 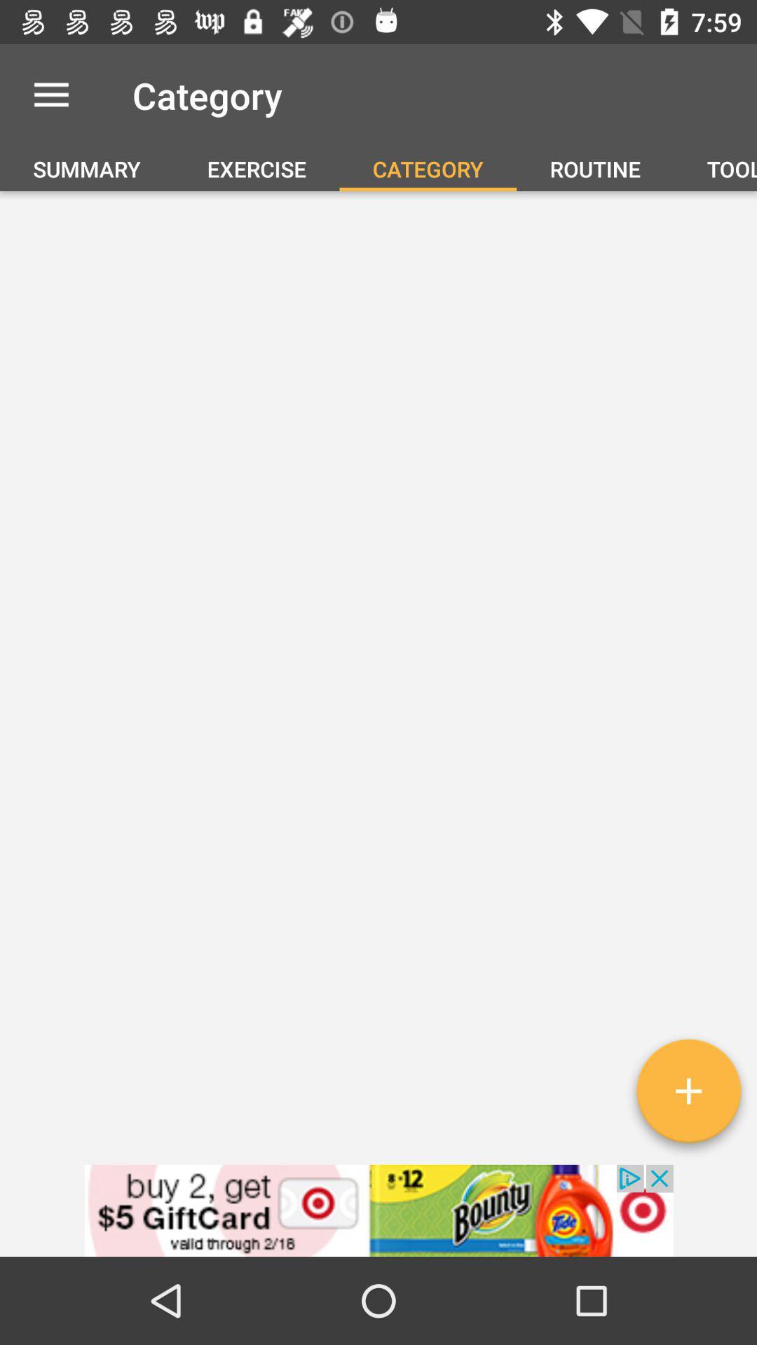 I want to click on plus button, so click(x=688, y=1096).